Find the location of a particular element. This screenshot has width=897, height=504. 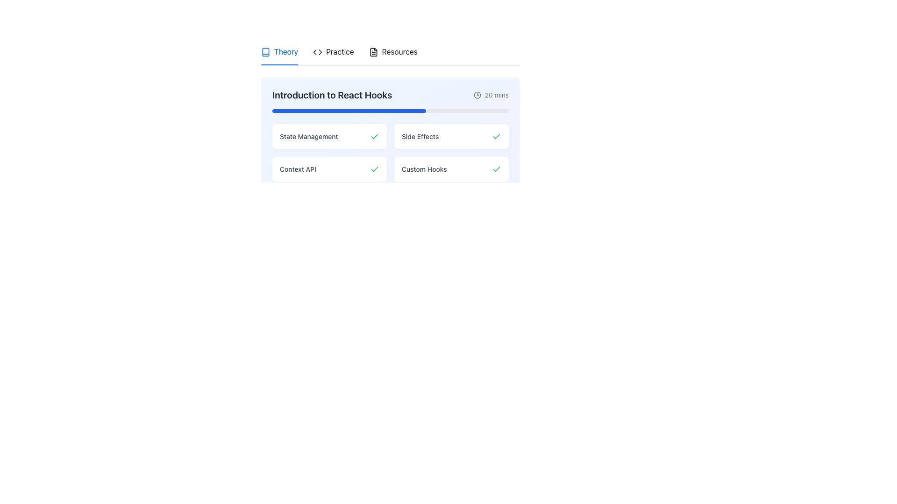

the 'Practice' tab in the navigation bar is located at coordinates (339, 52).